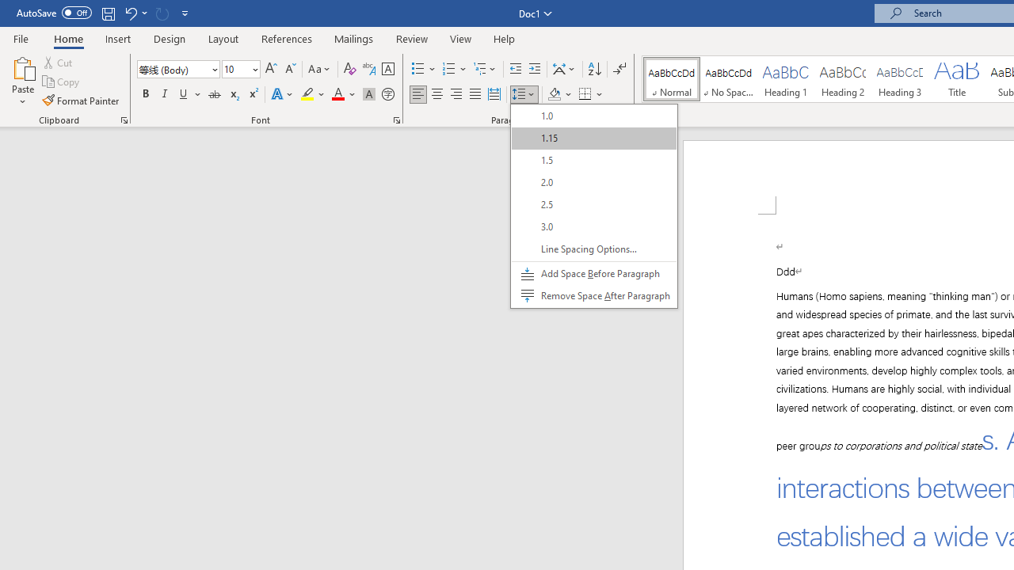 Image resolution: width=1014 pixels, height=570 pixels. I want to click on 'Align Right', so click(456, 94).